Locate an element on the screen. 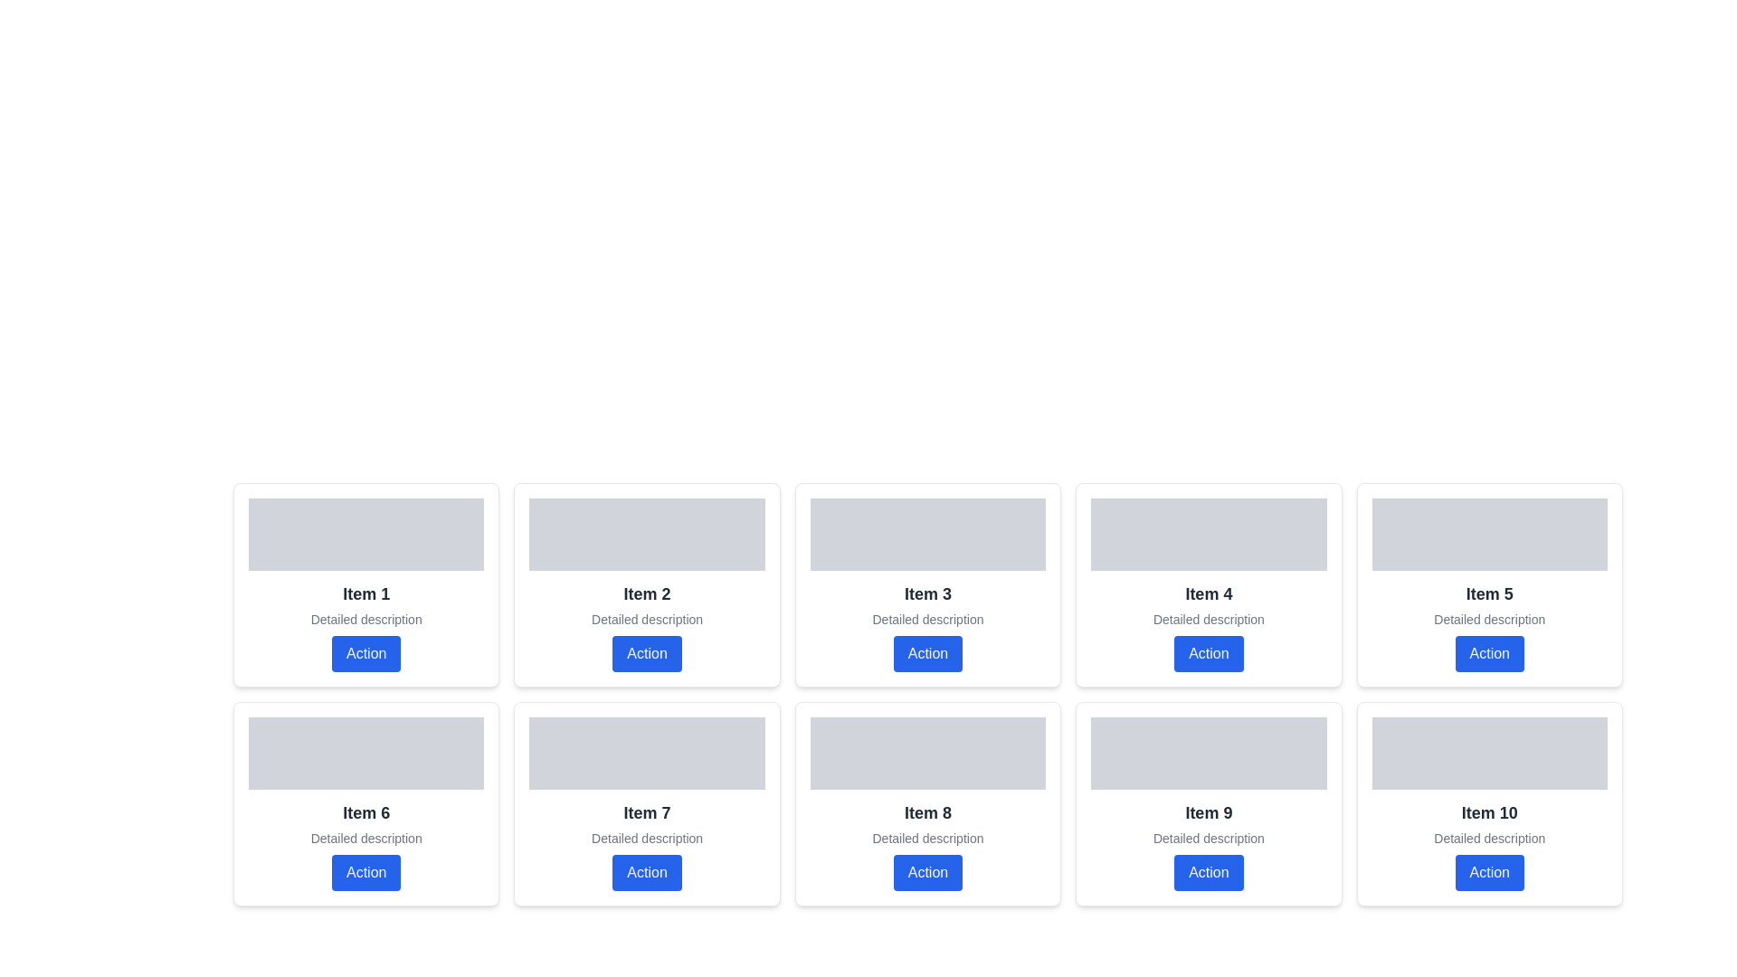 This screenshot has height=977, width=1737. the rectangular button labeled 'Action' with a blue background and white text, located below the text 'Detailed description' in the card labeled 'Item 6', to observe the hover effect is located at coordinates (365, 871).